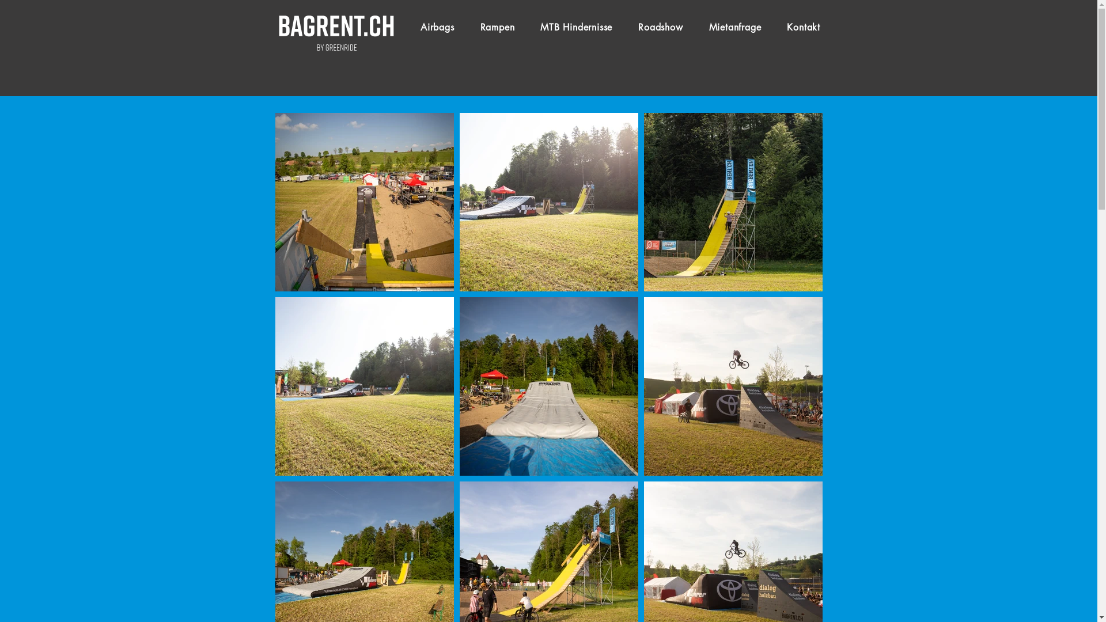  What do you see at coordinates (529, 26) in the screenshot?
I see `'MTB Hindernisse'` at bounding box center [529, 26].